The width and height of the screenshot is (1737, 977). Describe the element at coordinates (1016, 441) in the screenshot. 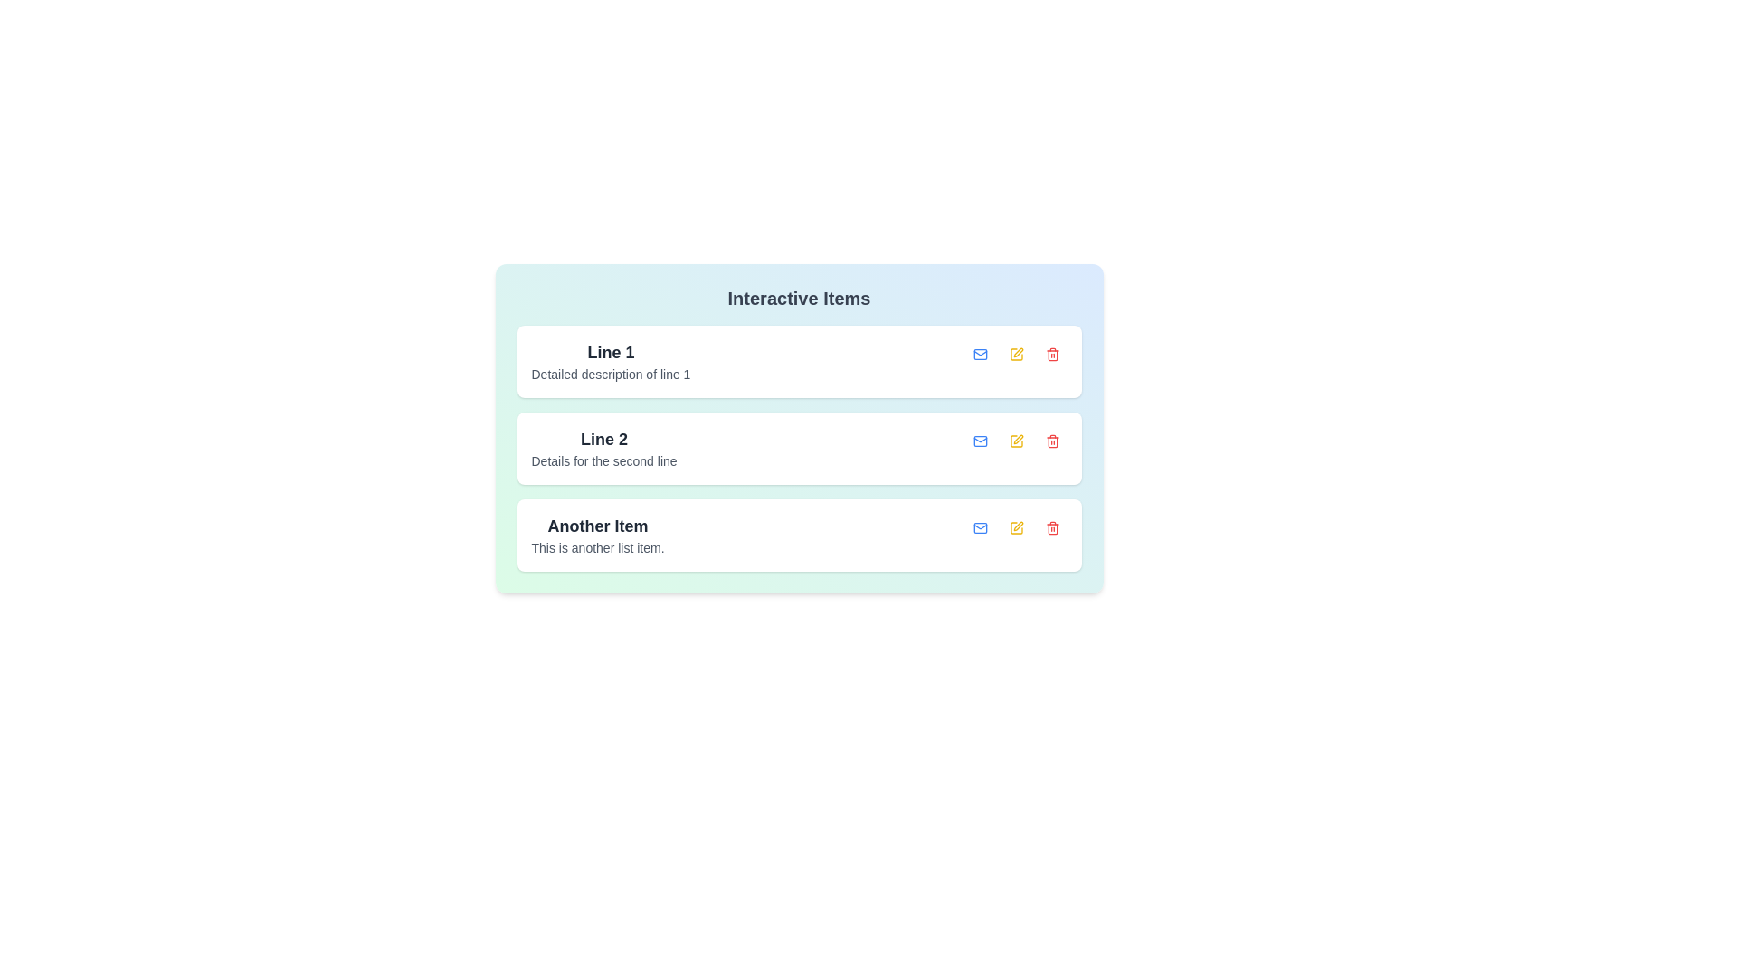

I see `edit button for the item with title 'Line 2'` at that location.